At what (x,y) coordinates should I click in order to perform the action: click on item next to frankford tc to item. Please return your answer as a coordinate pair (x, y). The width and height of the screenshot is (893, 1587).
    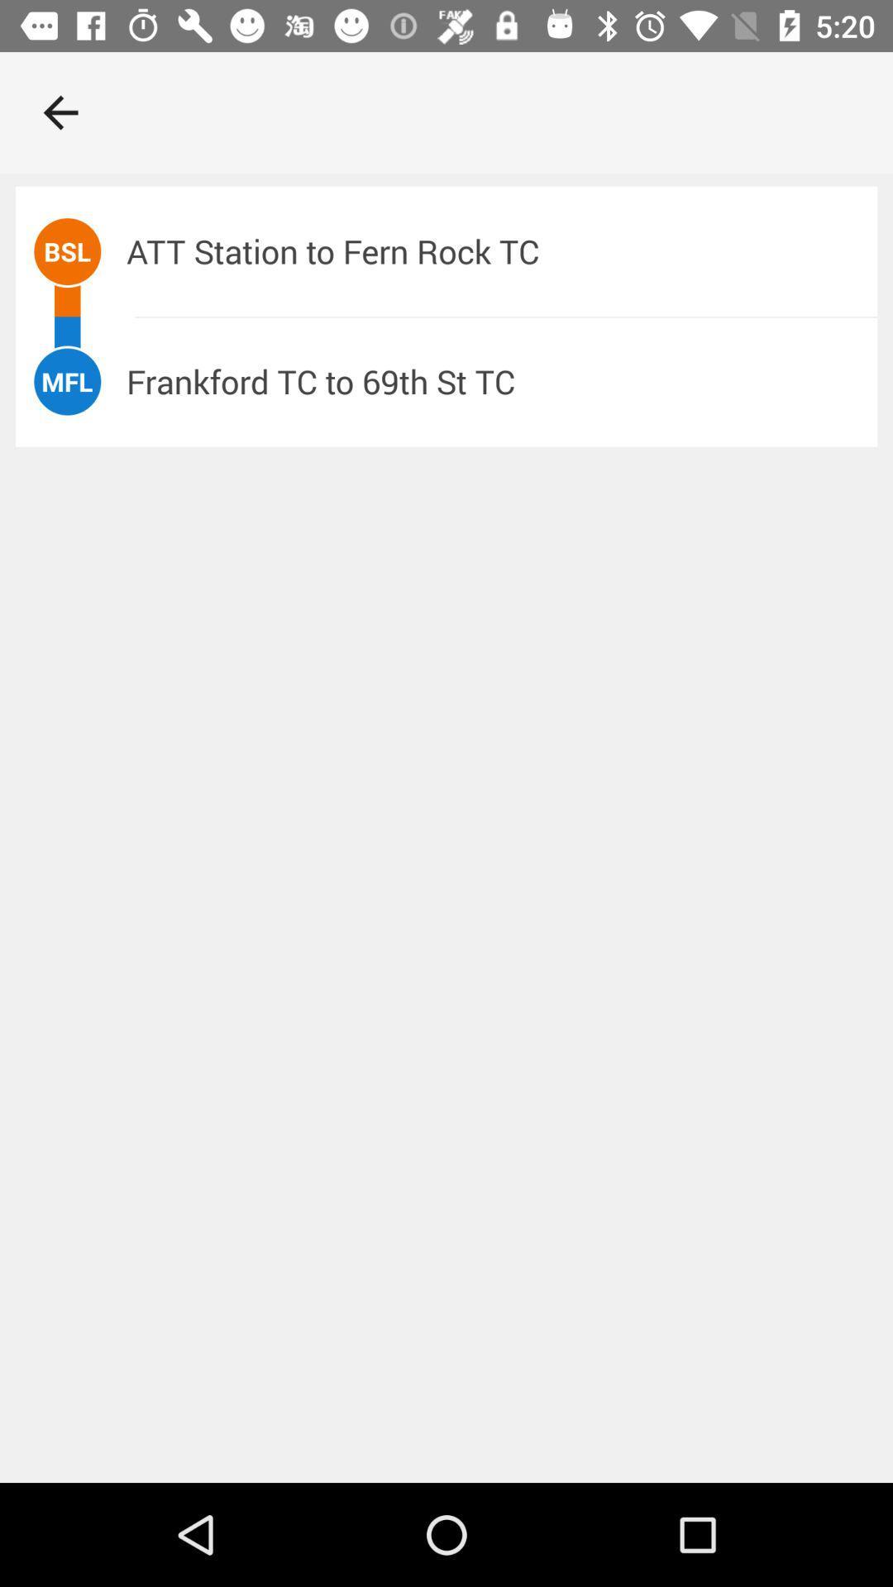
    Looking at the image, I should click on (66, 380).